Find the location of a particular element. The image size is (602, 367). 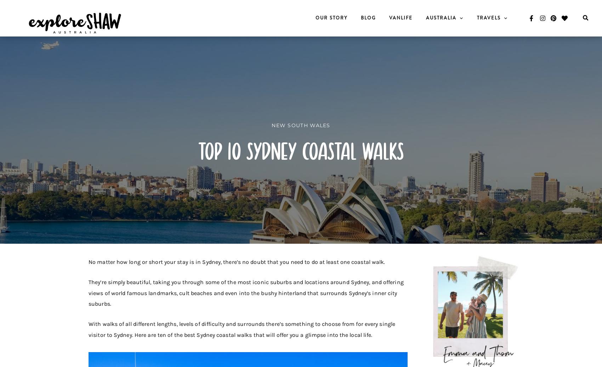

'They’re simply beautiful, taking you through some of the most iconic suburbs and locations around Sydney, and offering views of world famous landmarks, cult beaches and even into the bushy hinterland that surrounds Sydney’s inner city suburbs.' is located at coordinates (246, 293).